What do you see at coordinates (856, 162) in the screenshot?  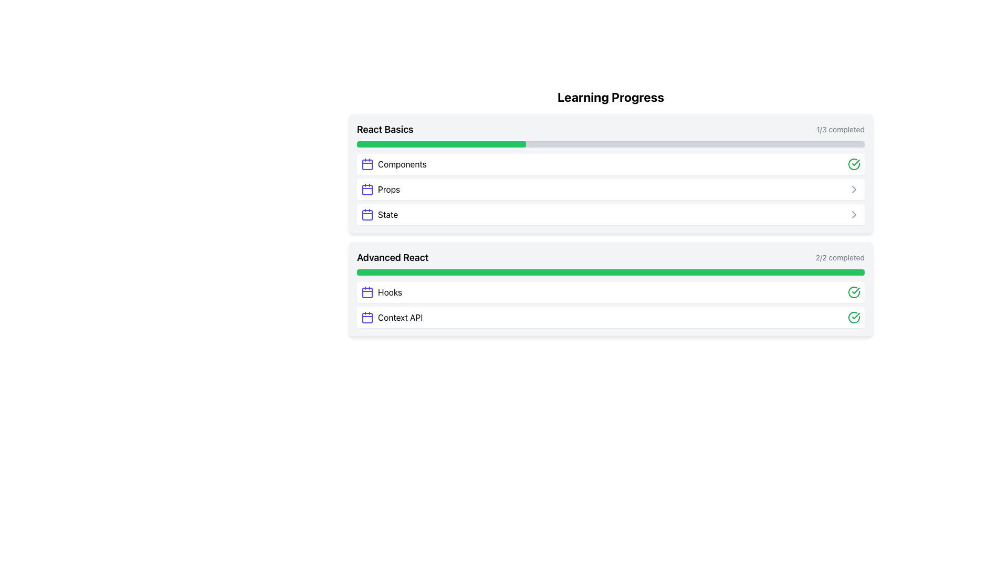 I see `the green checkmark icon within a circular outline to mark it for further actions, located under the 'Advanced React' section in the 'Learning Progress' interface, aligned with 'Context API'` at bounding box center [856, 162].